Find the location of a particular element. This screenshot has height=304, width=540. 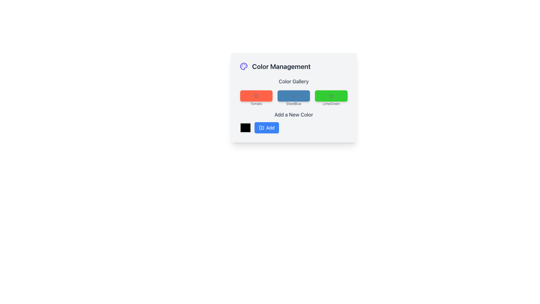

the Color card that visually represents a lime green color choice, which includes a star icon, located in the Color Gallery section under Color Management is located at coordinates (331, 95).